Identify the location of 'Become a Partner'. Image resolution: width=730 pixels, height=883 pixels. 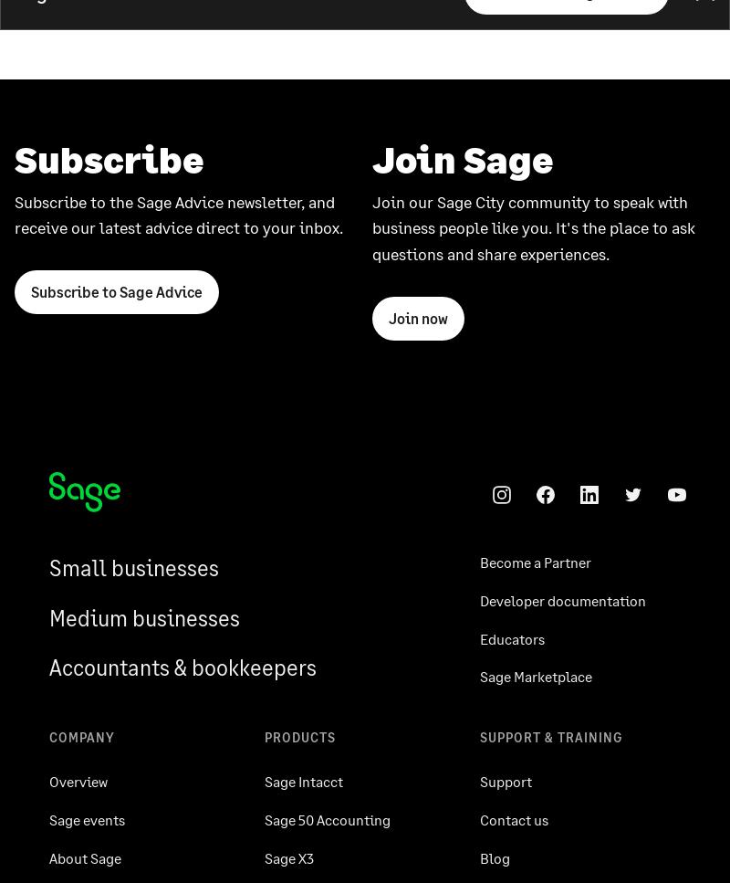
(535, 562).